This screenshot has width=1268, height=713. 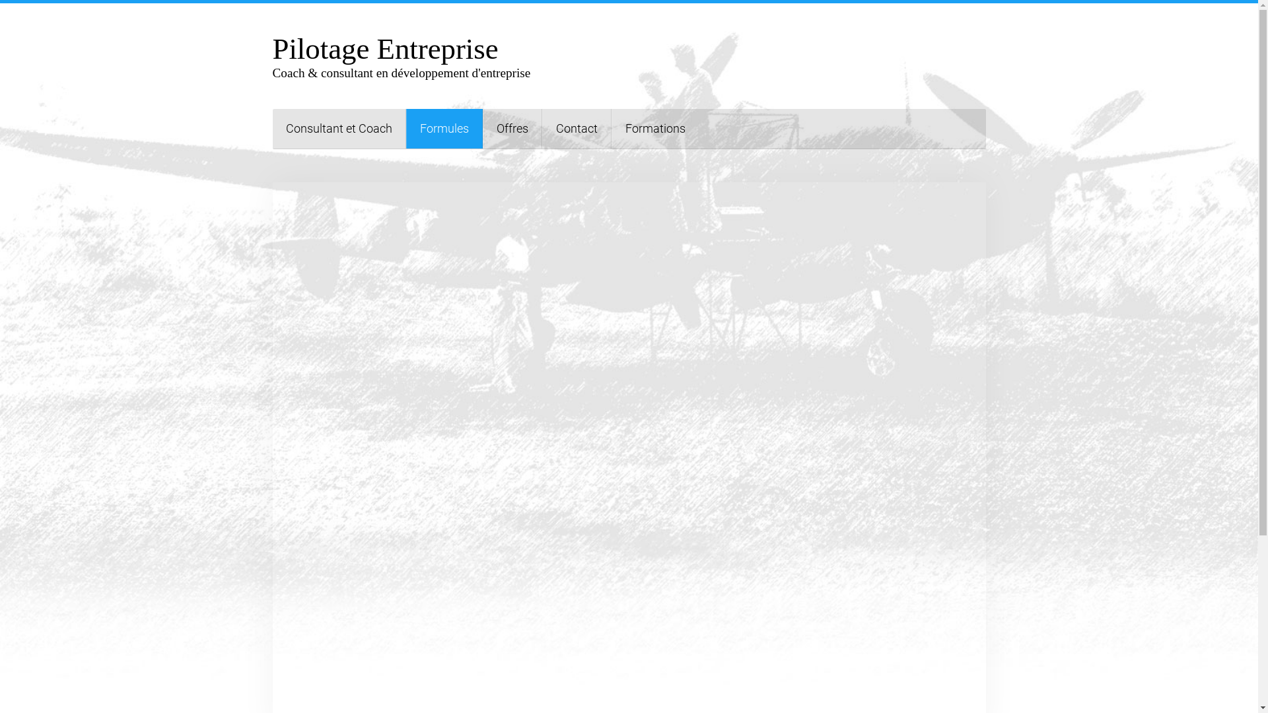 I want to click on 'Formations', so click(x=655, y=129).